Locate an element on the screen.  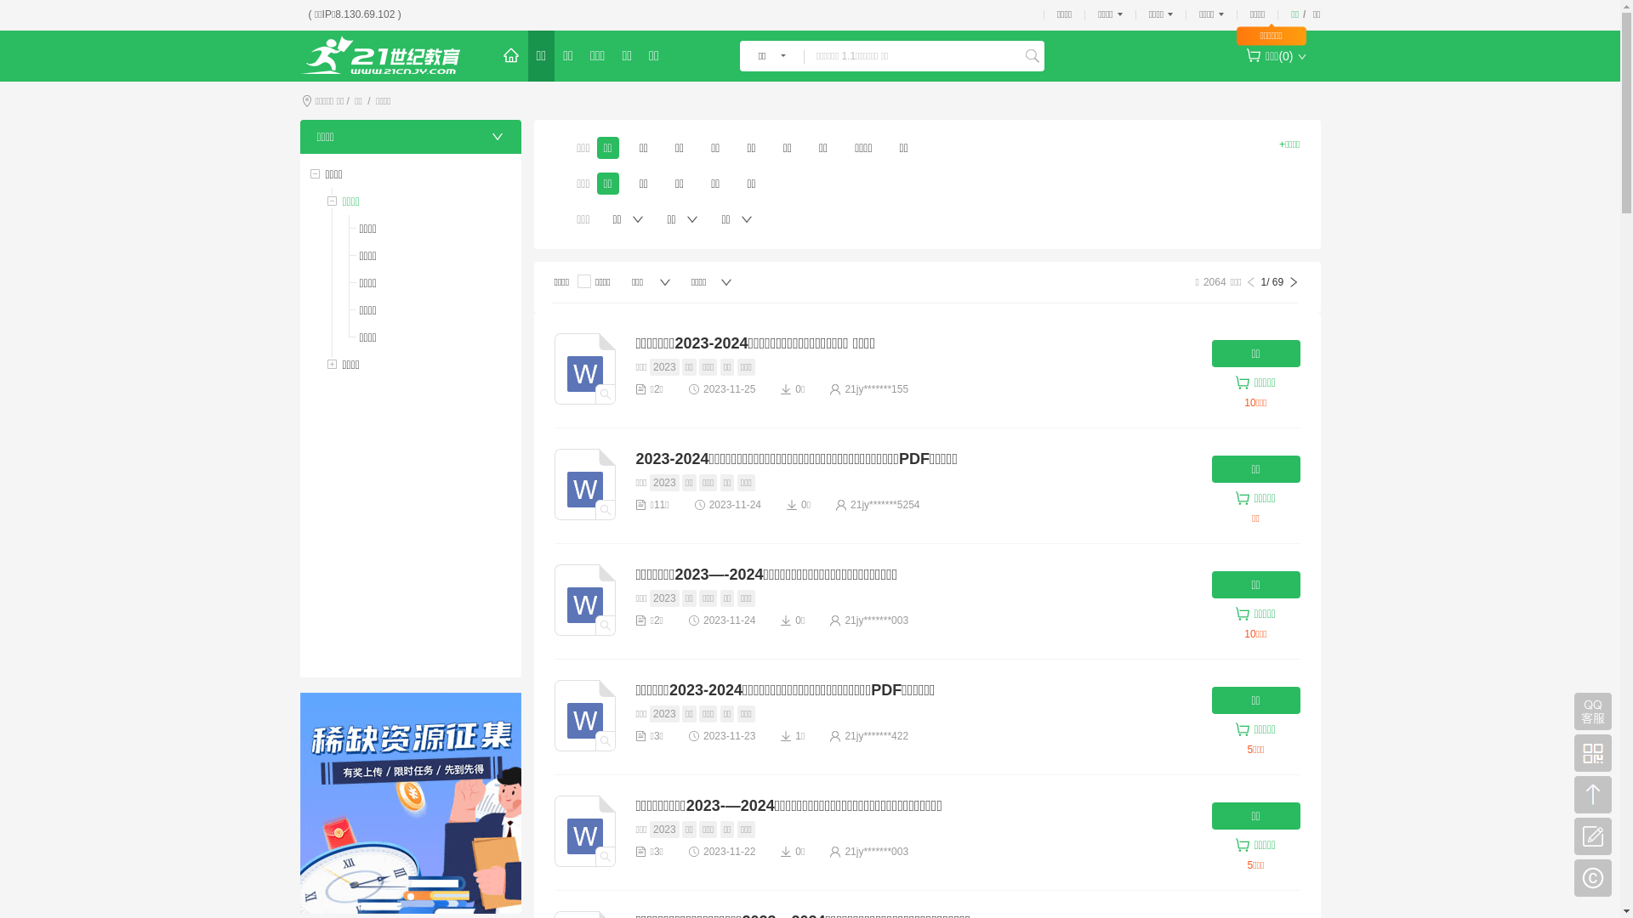
'21jy*******003' is located at coordinates (845, 620).